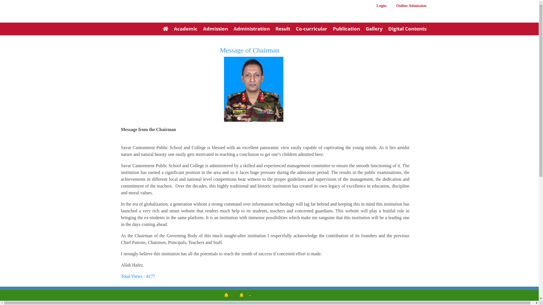 The width and height of the screenshot is (543, 305). Describe the element at coordinates (182, 29) in the screenshot. I see `'Academic'` at that location.